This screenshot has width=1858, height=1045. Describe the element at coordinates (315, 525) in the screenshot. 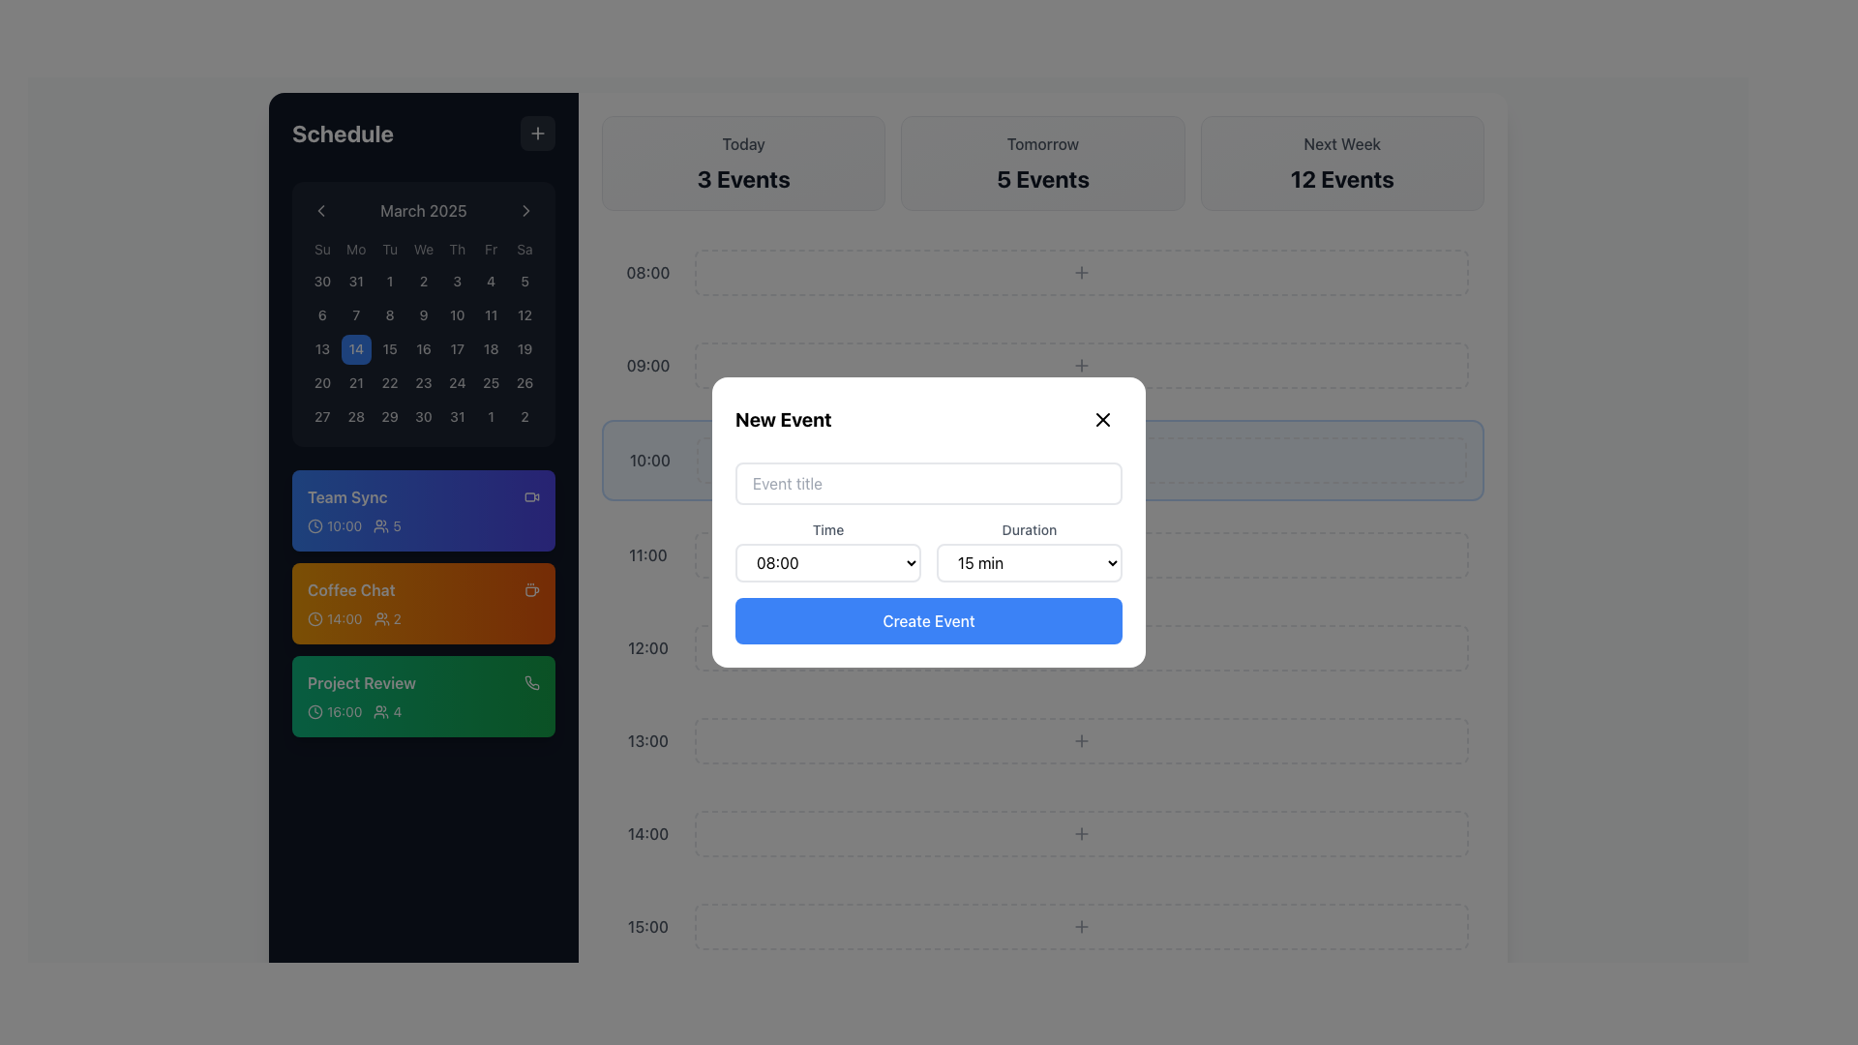

I see `the circular icon representing a clock, located in the sidebar of the UI, just before the time '10:00' in the 'Team Sync' event card` at that location.